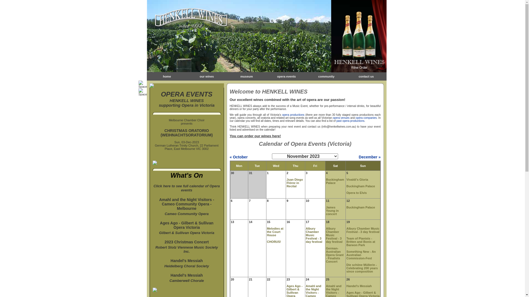 The height and width of the screenshot is (297, 529). What do you see at coordinates (366, 76) in the screenshot?
I see `'contact us'` at bounding box center [366, 76].